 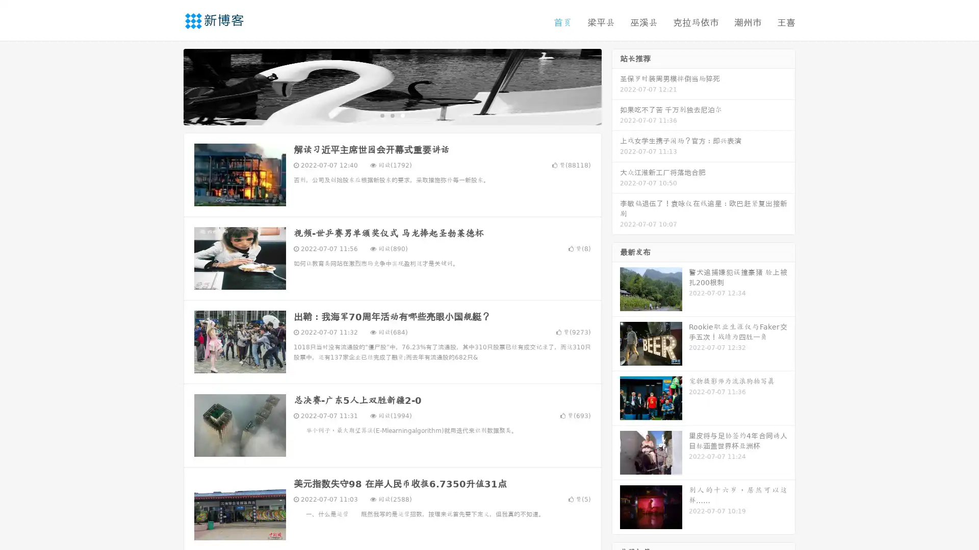 What do you see at coordinates (392, 115) in the screenshot?
I see `Go to slide 2` at bounding box center [392, 115].